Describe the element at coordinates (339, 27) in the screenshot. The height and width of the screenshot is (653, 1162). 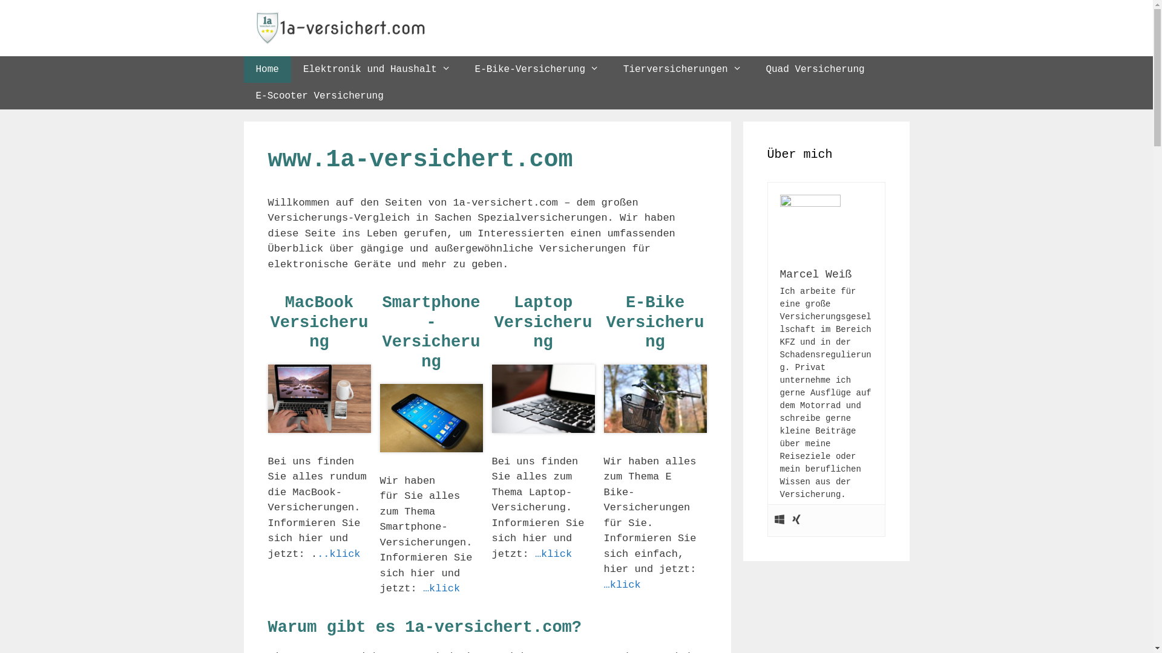
I see `'1a-versichert.com'` at that location.